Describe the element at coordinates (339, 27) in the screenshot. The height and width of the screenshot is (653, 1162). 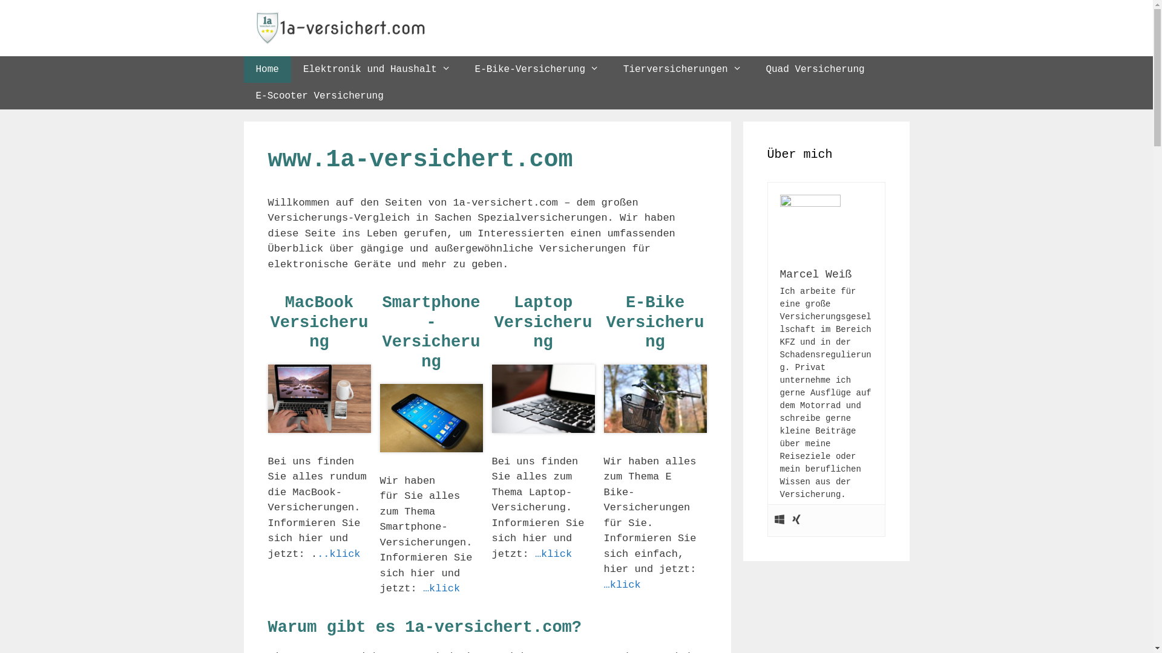
I see `'1a-versichert.com'` at that location.